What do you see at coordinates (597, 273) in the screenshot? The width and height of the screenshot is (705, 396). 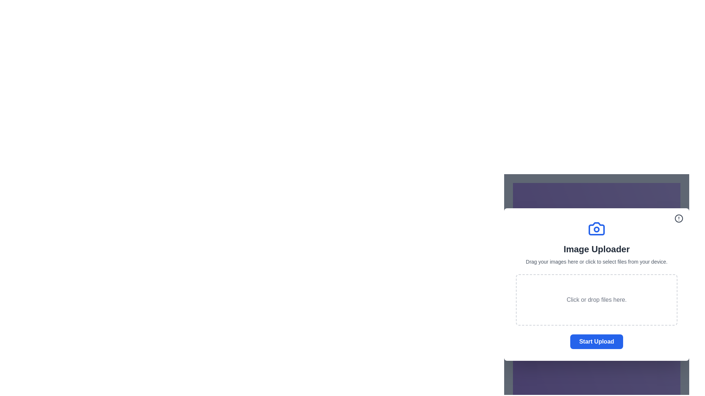 I see `and drop files into the Interactive Section located in the central area of the card, which allows users` at bounding box center [597, 273].